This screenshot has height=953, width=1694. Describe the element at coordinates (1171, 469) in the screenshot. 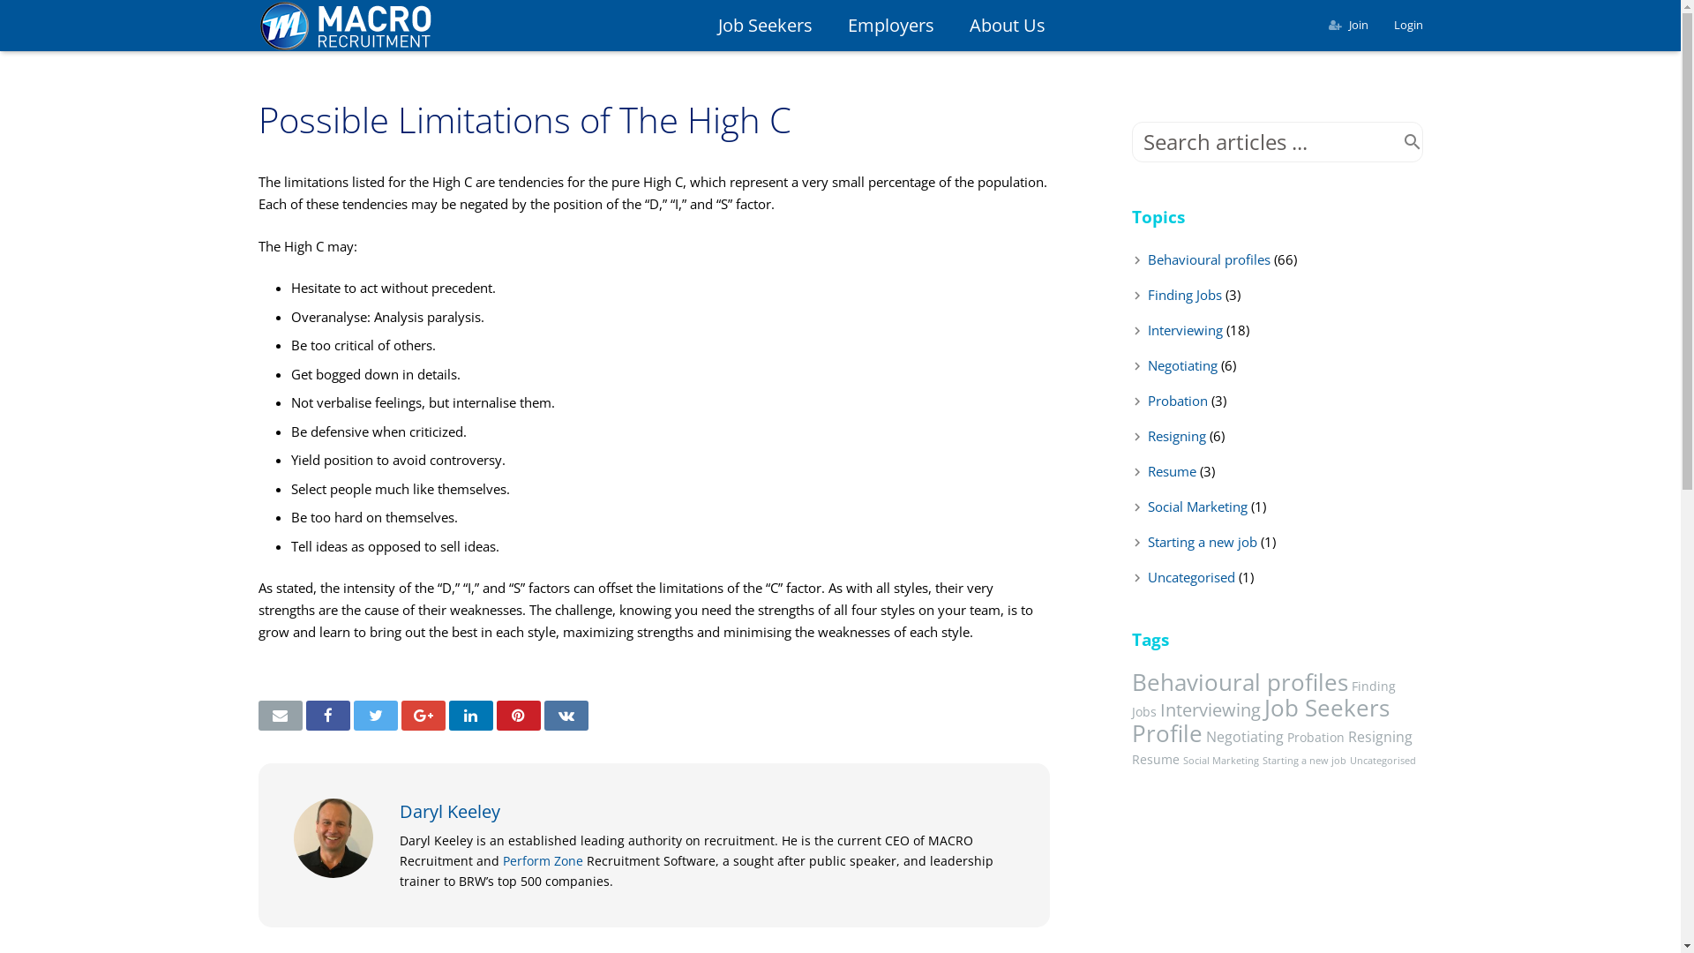

I see `'Resume'` at that location.